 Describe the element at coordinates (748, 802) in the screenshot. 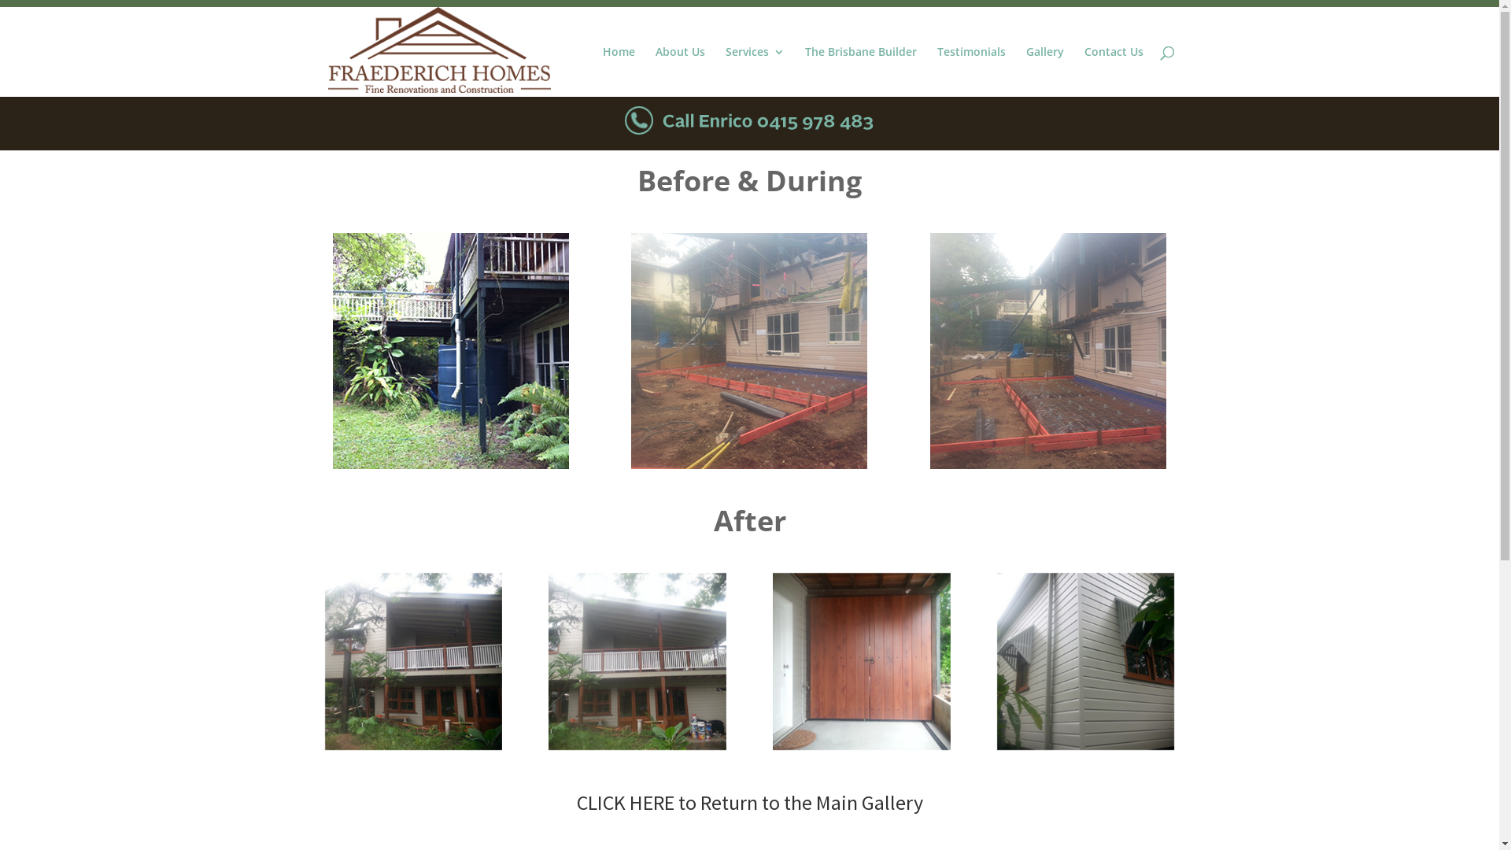

I see `'CLICK HERE to Return to the Main Gallery'` at that location.